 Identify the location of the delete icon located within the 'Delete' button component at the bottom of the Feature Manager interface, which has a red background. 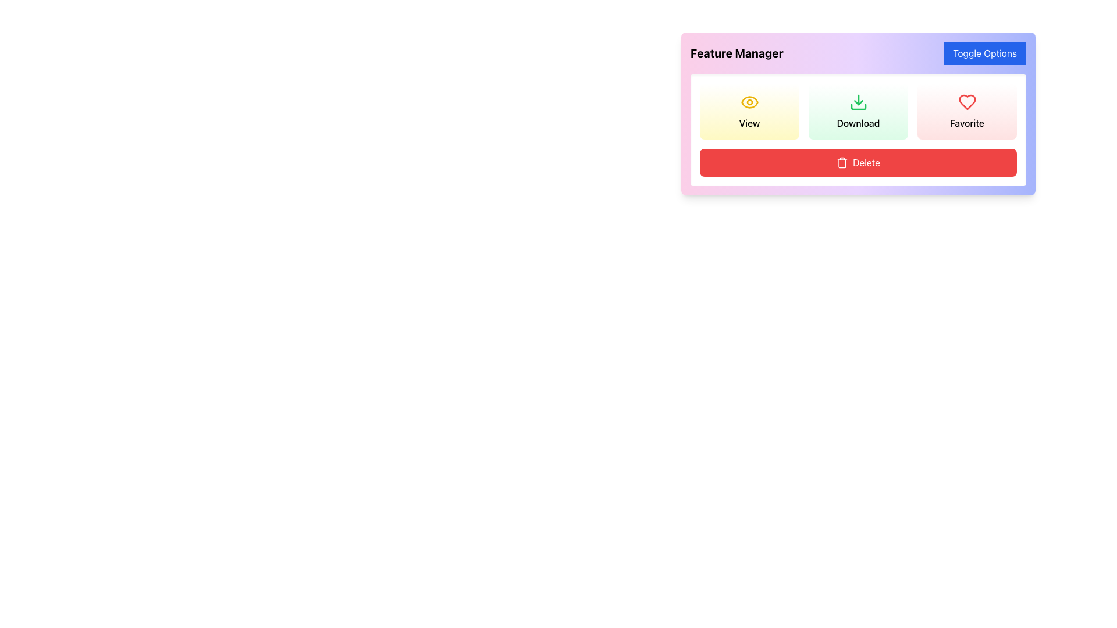
(842, 163).